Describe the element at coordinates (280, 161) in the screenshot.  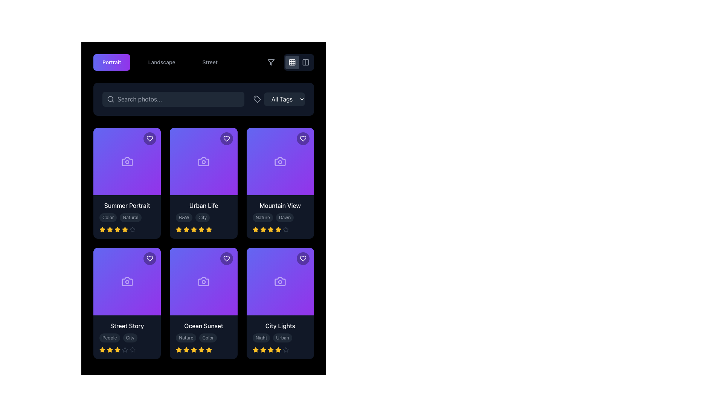
I see `the graphic placeholder with a gradient background from indigo to purple, featuring a camera icon, located in the top row of the grid layout, third item from the left titled 'Mountain View'` at that location.